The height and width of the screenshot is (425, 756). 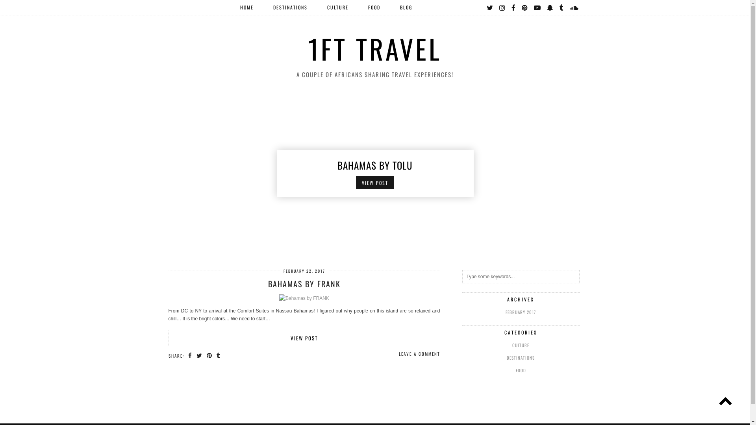 What do you see at coordinates (289, 7) in the screenshot?
I see `'DESTINATIONS'` at bounding box center [289, 7].